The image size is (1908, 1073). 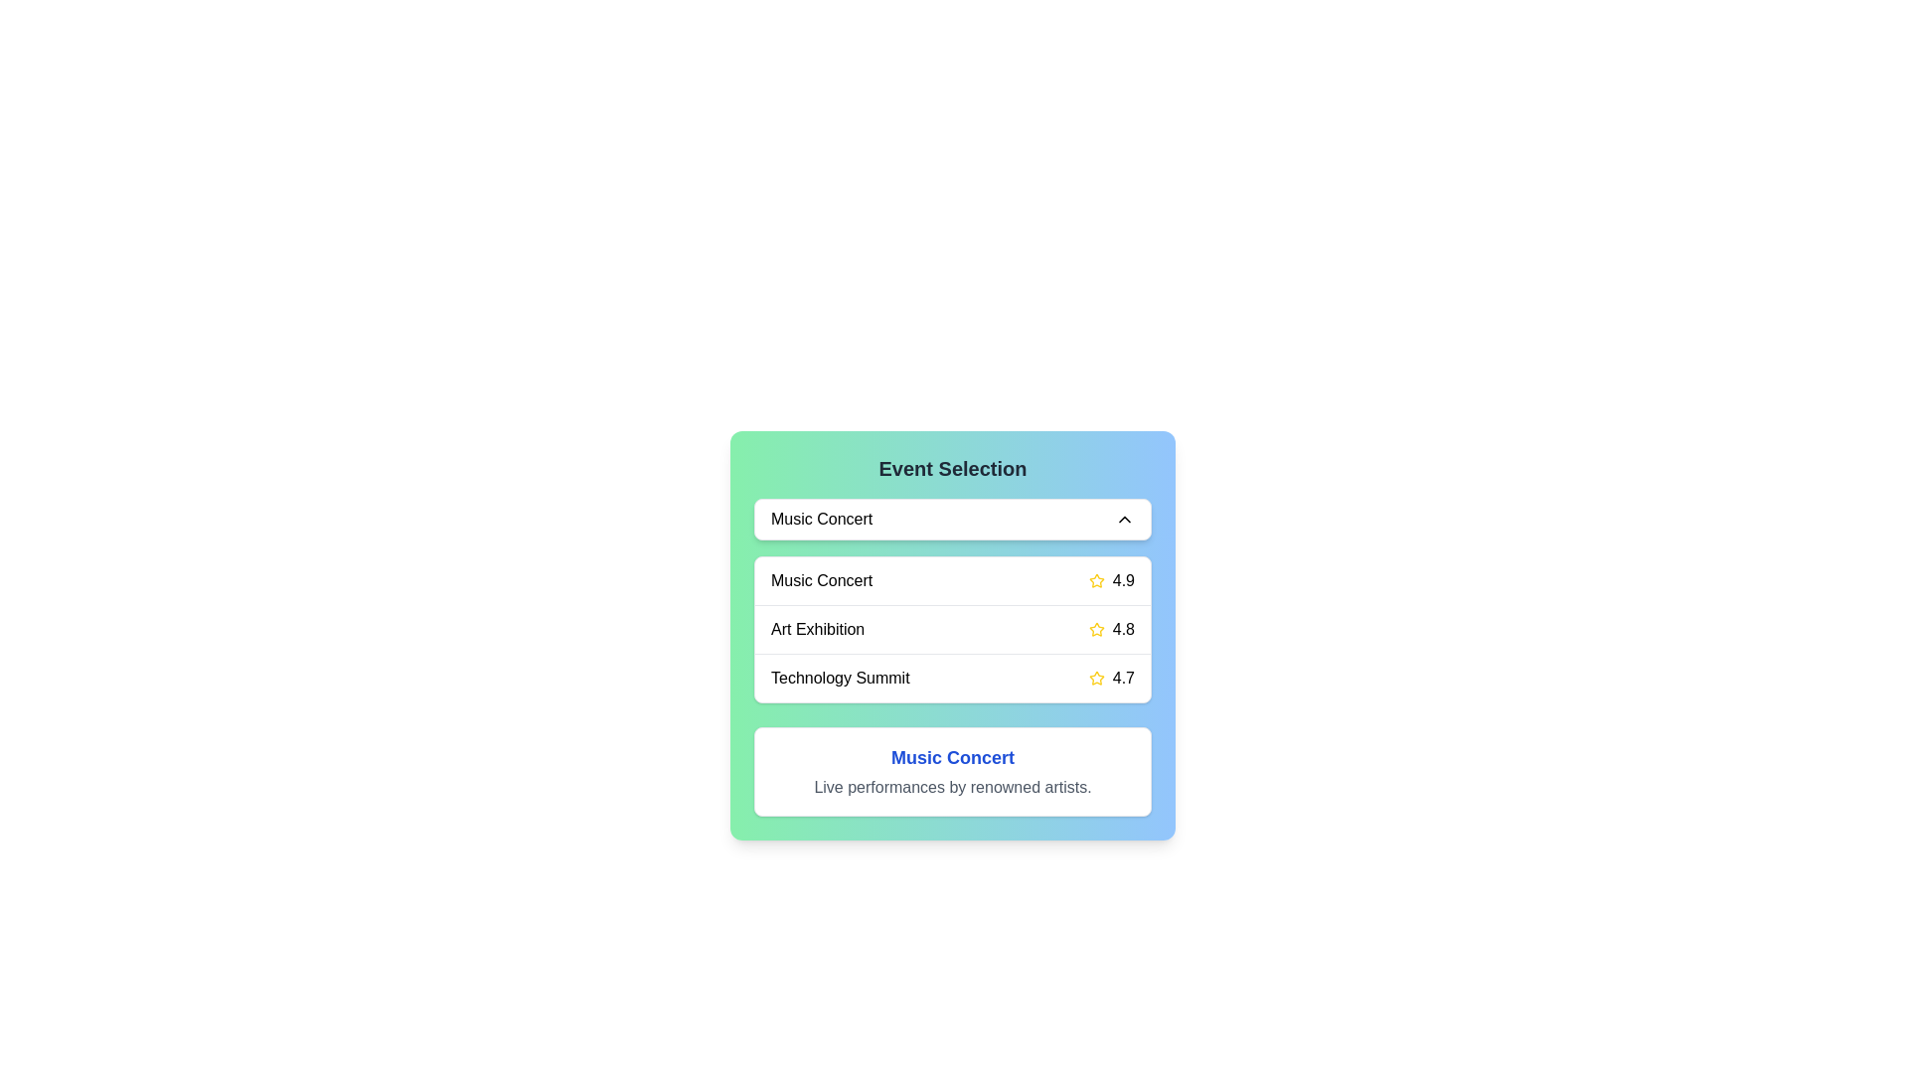 What do you see at coordinates (952, 628) in the screenshot?
I see `the event entry titled 'Art Exhibition' which has a user rating of 4.8 in the vertical list of events` at bounding box center [952, 628].